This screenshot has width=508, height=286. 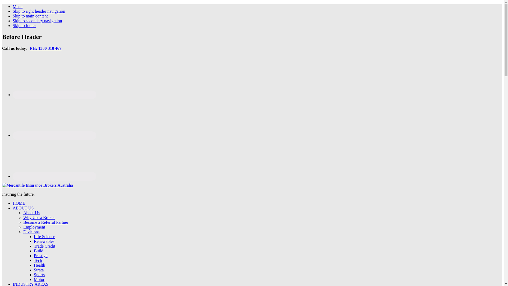 I want to click on 'PH: 1300 310 467', so click(x=46, y=48).